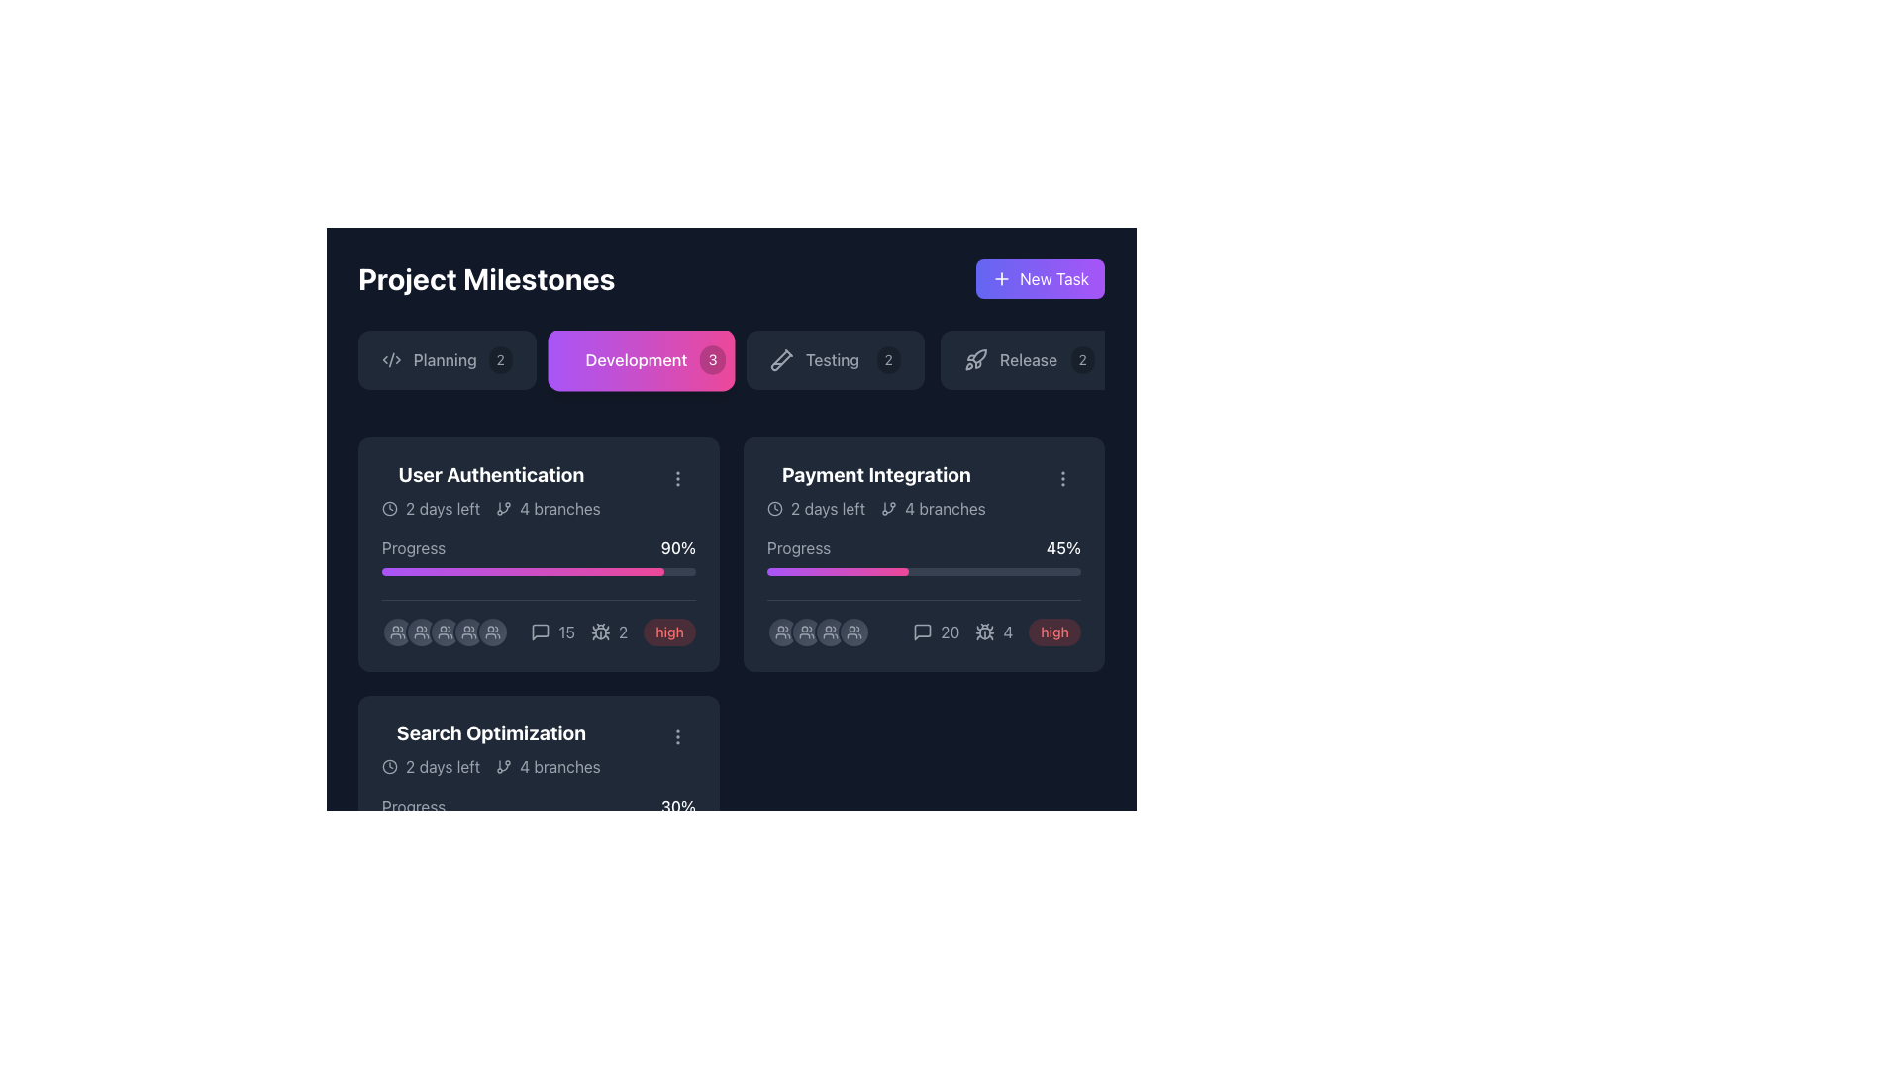  What do you see at coordinates (413, 548) in the screenshot?
I see `the 'Progress' text label, which is styled in light gray against a dark background, located in the 'User Authentication' section card to the left of the '90%' text element` at bounding box center [413, 548].